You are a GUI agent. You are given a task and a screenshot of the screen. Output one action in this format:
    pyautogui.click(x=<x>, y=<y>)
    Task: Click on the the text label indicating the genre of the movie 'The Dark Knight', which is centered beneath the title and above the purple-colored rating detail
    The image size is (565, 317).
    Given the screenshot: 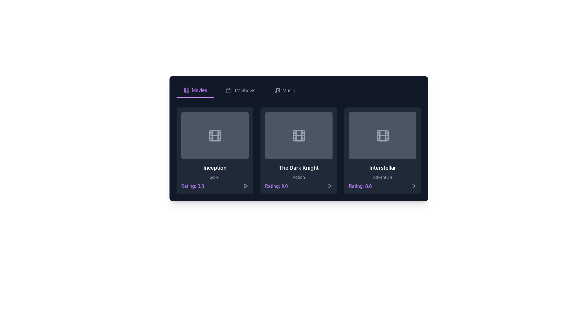 What is the action you would take?
    pyautogui.click(x=299, y=177)
    